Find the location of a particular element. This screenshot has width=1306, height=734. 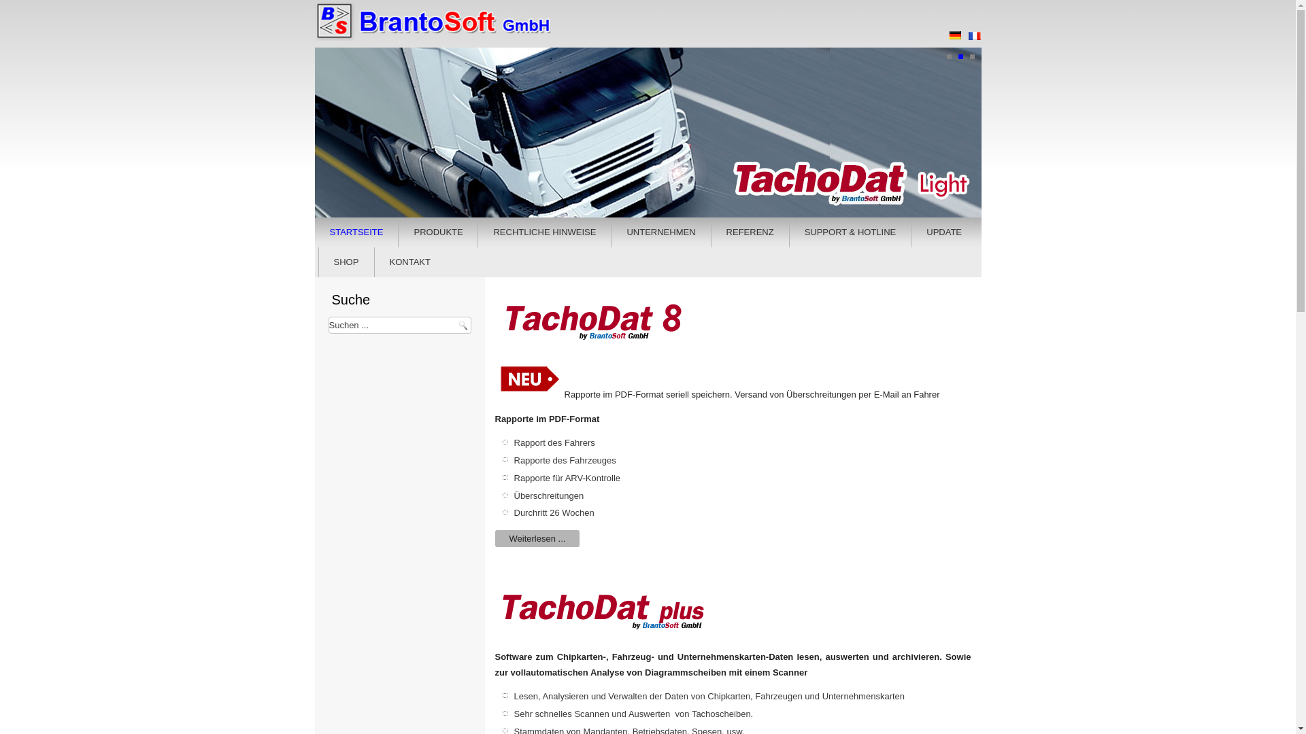

'PRODUKTE' is located at coordinates (401, 232).